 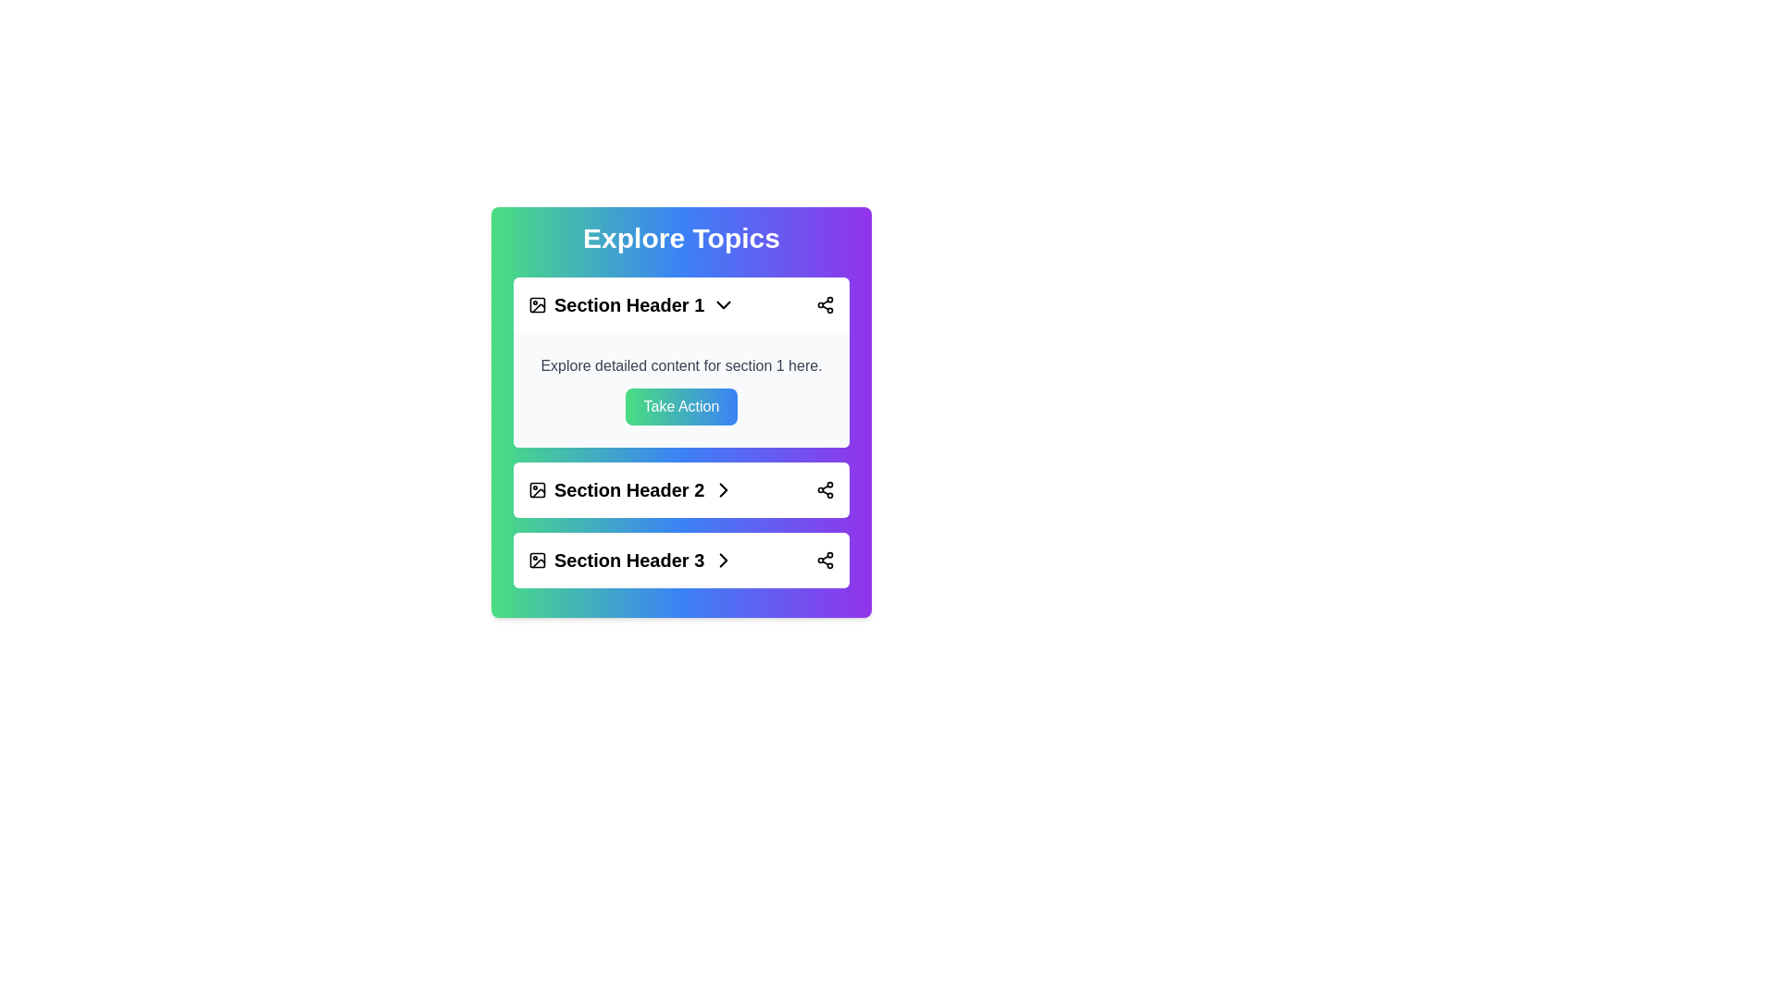 What do you see at coordinates (536, 559) in the screenshot?
I see `the icon resembling a picture frame with a circle and a diagonal line inside it, which indicates an image placeholder, positioned to the far left of 'Section Header 3'` at bounding box center [536, 559].